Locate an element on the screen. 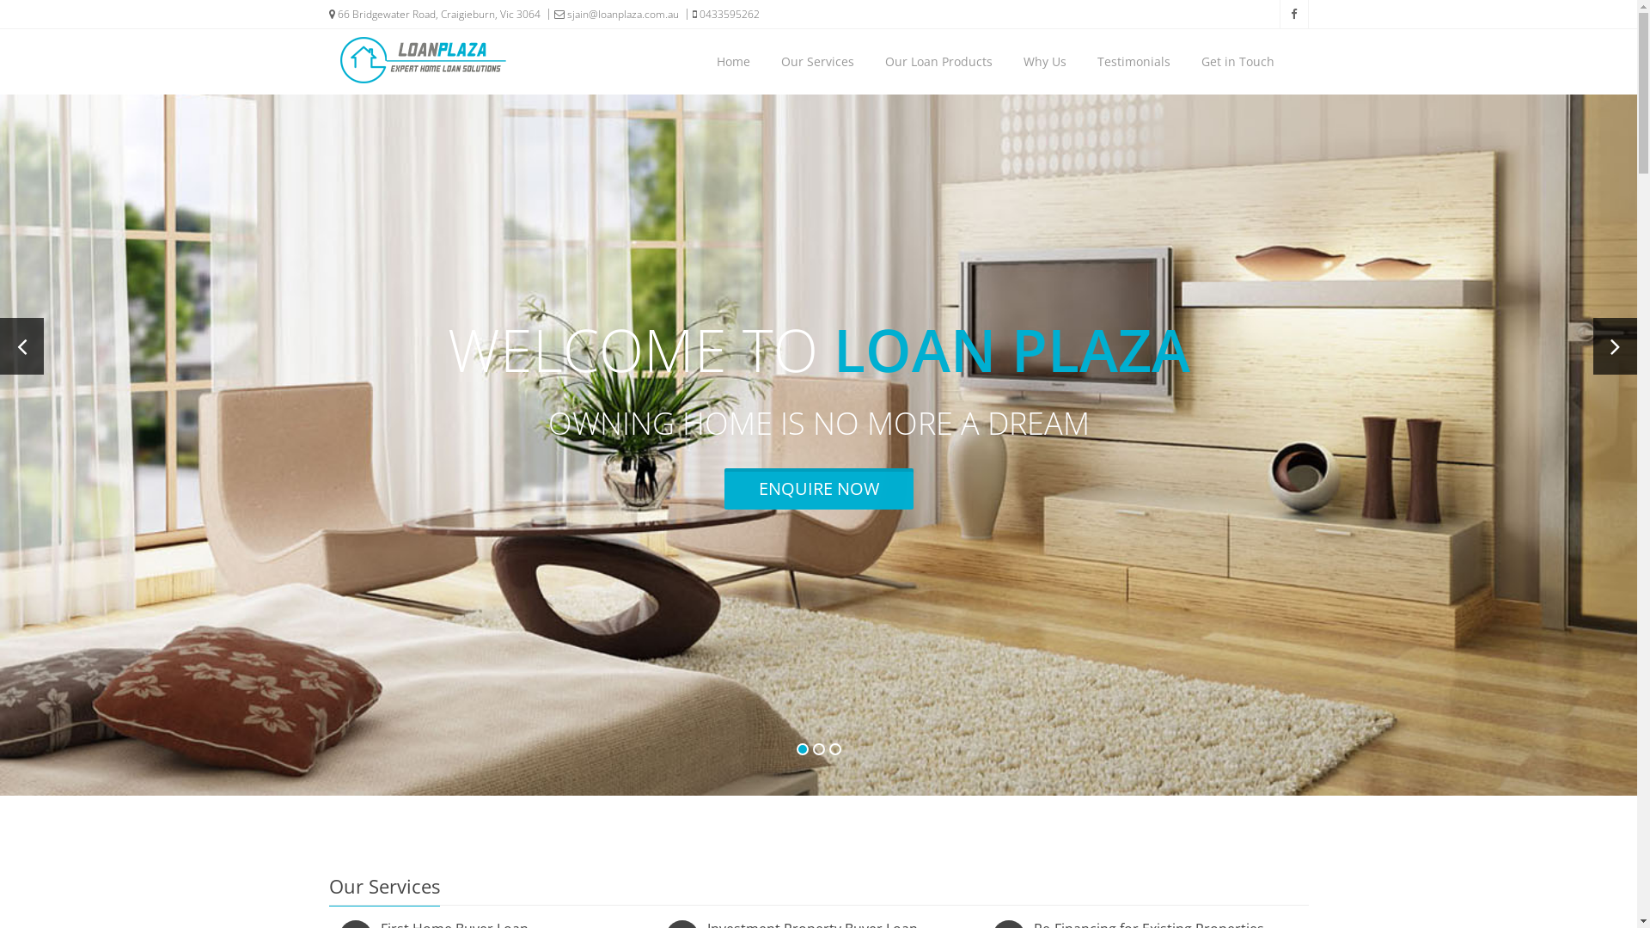  'Get in Touch' is located at coordinates (1236, 61).